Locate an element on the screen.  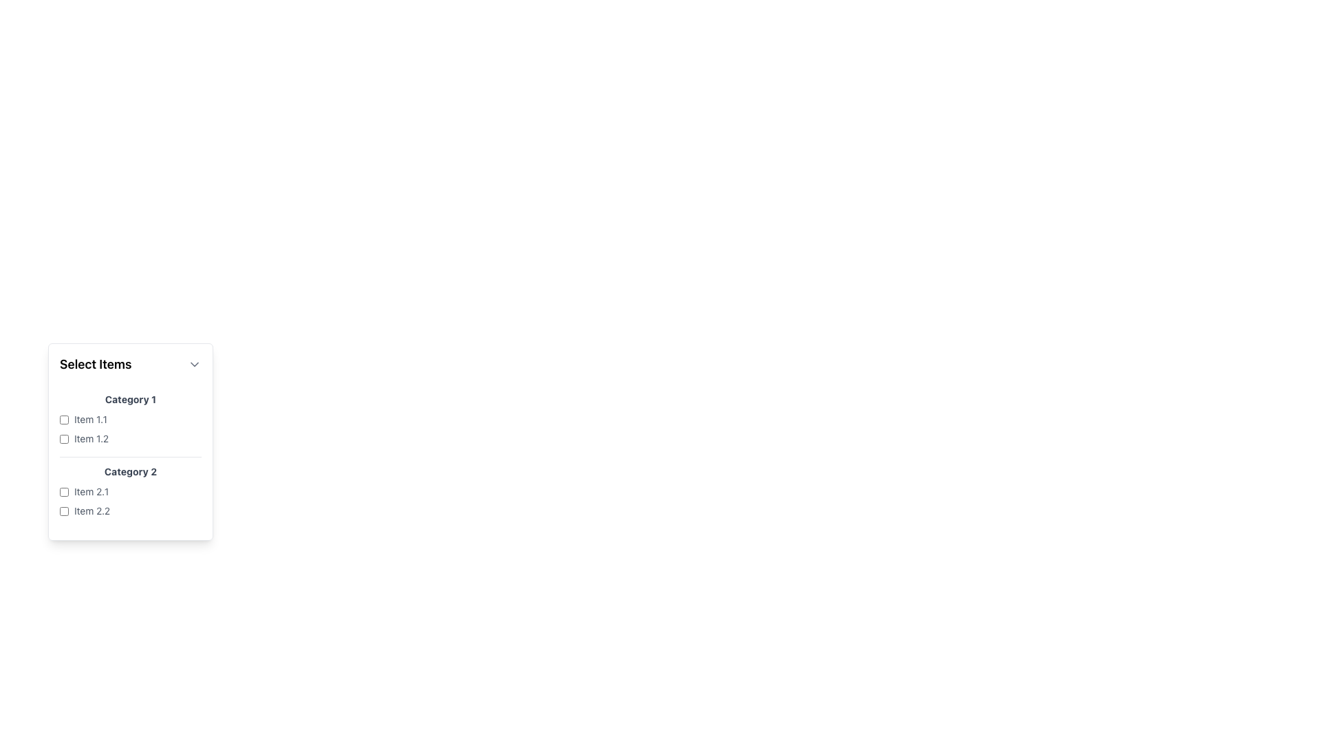
the labeled checkbox for 'Item 2.1' is located at coordinates (131, 491).